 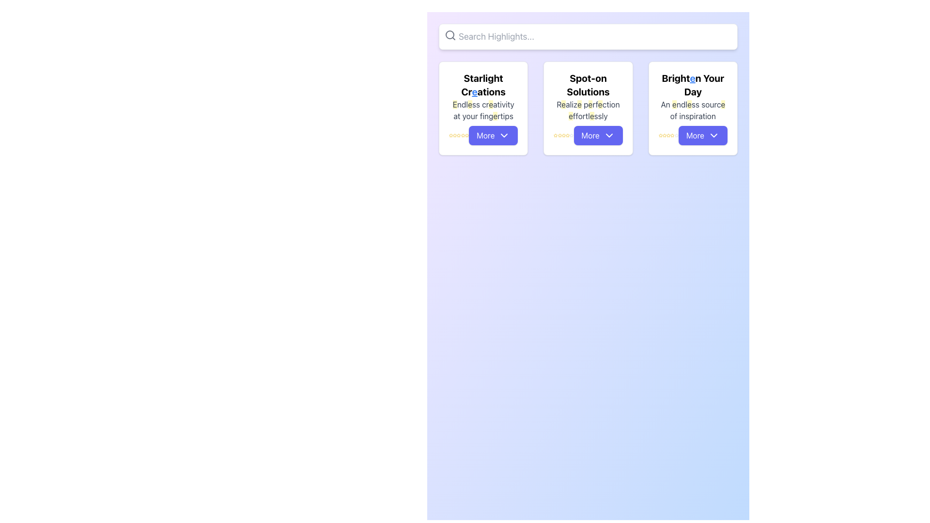 I want to click on the Card component for 'Spot-on Solutions' which includes a title, description, rating, and a call-to-action button labeled 'More'. It is located in the second column of a three-column grid layout, between 'Starlight Creations' and 'Brighten Your Day', so click(x=588, y=108).